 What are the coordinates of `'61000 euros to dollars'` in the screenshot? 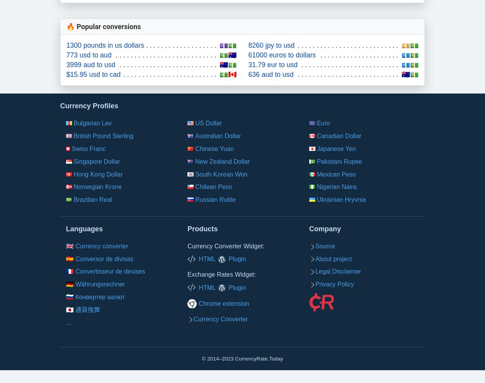 It's located at (282, 55).